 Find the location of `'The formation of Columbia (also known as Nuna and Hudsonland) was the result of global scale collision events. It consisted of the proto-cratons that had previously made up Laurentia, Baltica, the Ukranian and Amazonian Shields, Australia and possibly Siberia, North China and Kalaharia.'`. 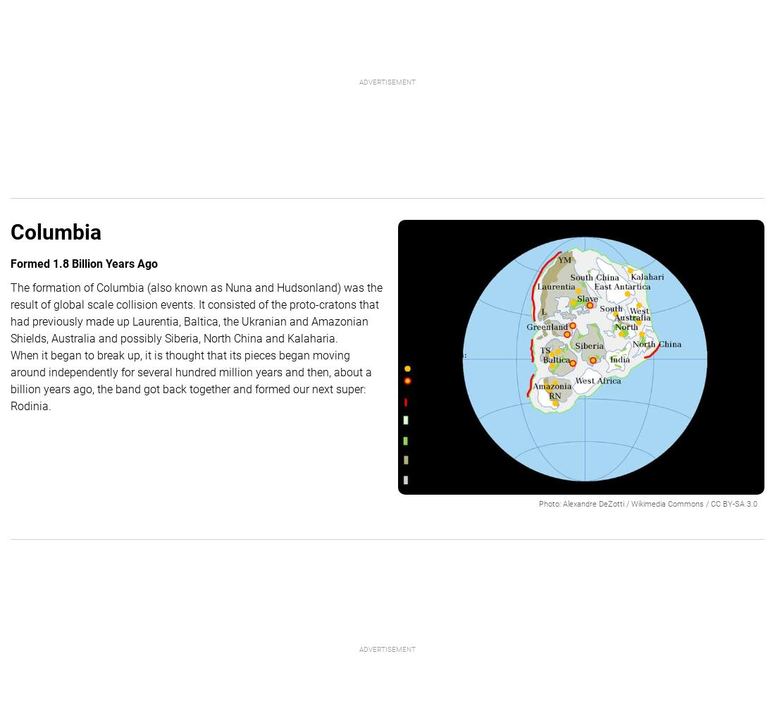

'The formation of Columbia (also known as Nuna and Hudsonland) was the result of global scale collision events. It consisted of the proto-cratons that had previously made up Laurentia, Baltica, the Ukranian and Amazonian Shields, Australia and possibly Siberia, North China and Kalaharia.' is located at coordinates (9, 313).